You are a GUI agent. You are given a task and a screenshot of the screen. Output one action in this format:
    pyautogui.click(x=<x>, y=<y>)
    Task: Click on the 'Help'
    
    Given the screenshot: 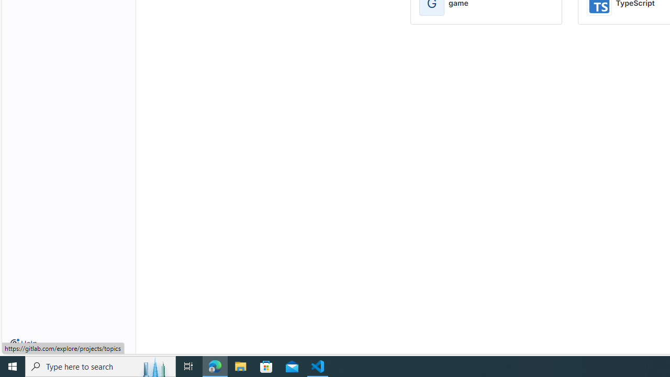 What is the action you would take?
    pyautogui.click(x=24, y=343)
    